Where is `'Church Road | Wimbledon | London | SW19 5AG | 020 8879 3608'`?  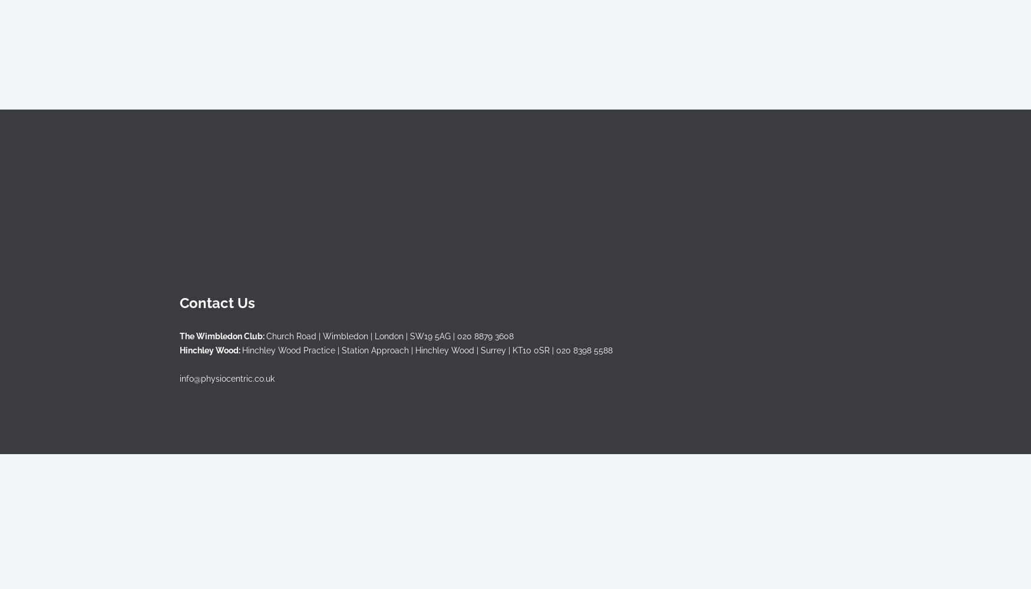
'Church Road | Wimbledon | London | SW19 5AG | 020 8879 3608' is located at coordinates (266, 335).